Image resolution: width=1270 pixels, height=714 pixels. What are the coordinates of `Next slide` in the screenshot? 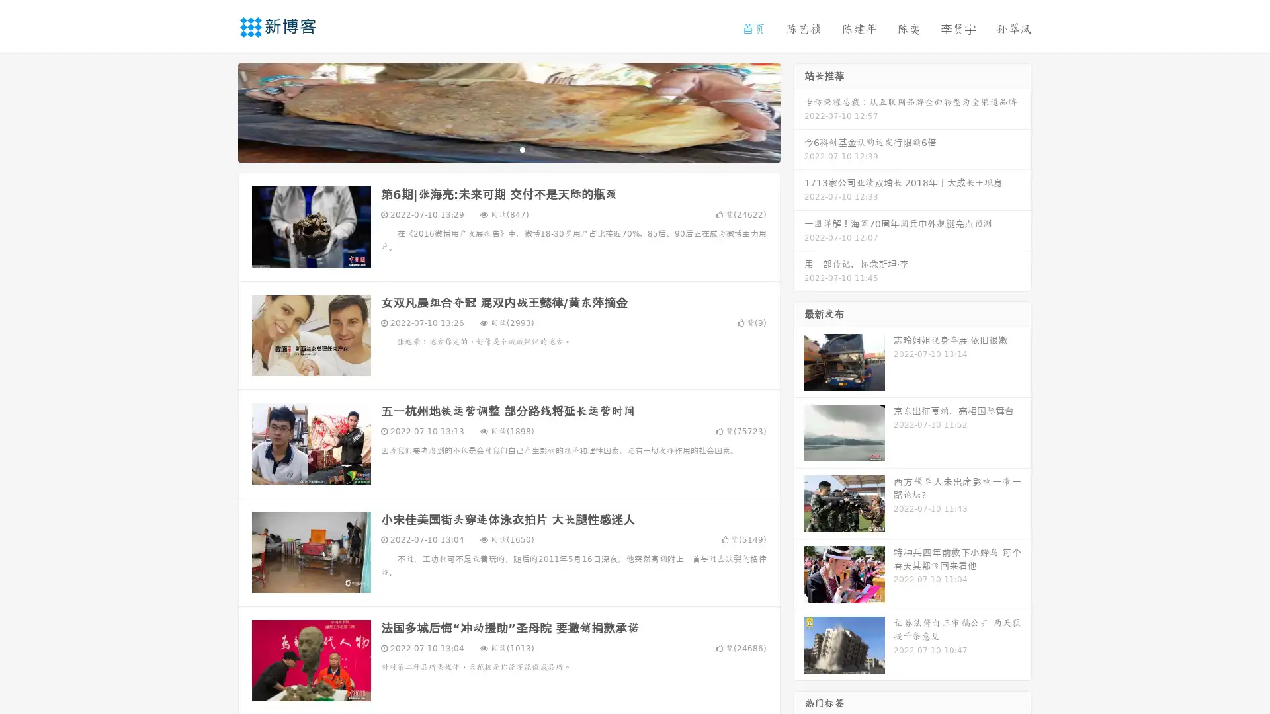 It's located at (799, 111).